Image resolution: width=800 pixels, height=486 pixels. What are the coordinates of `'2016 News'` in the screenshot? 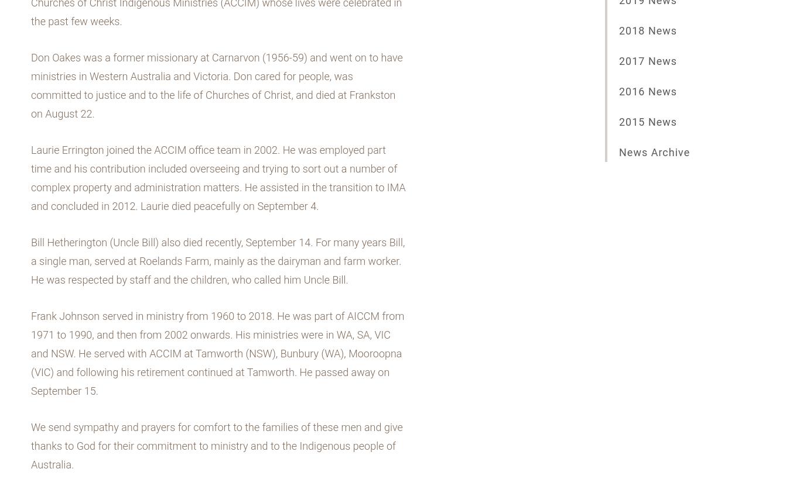 It's located at (618, 91).